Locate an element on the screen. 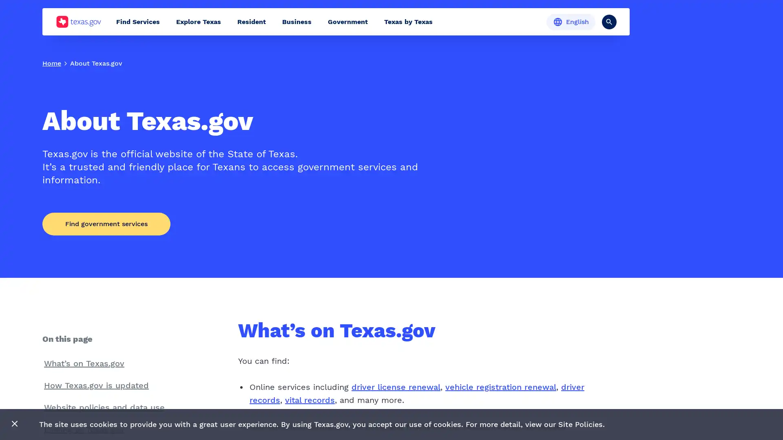 The height and width of the screenshot is (440, 783). Close is located at coordinates (15, 424).